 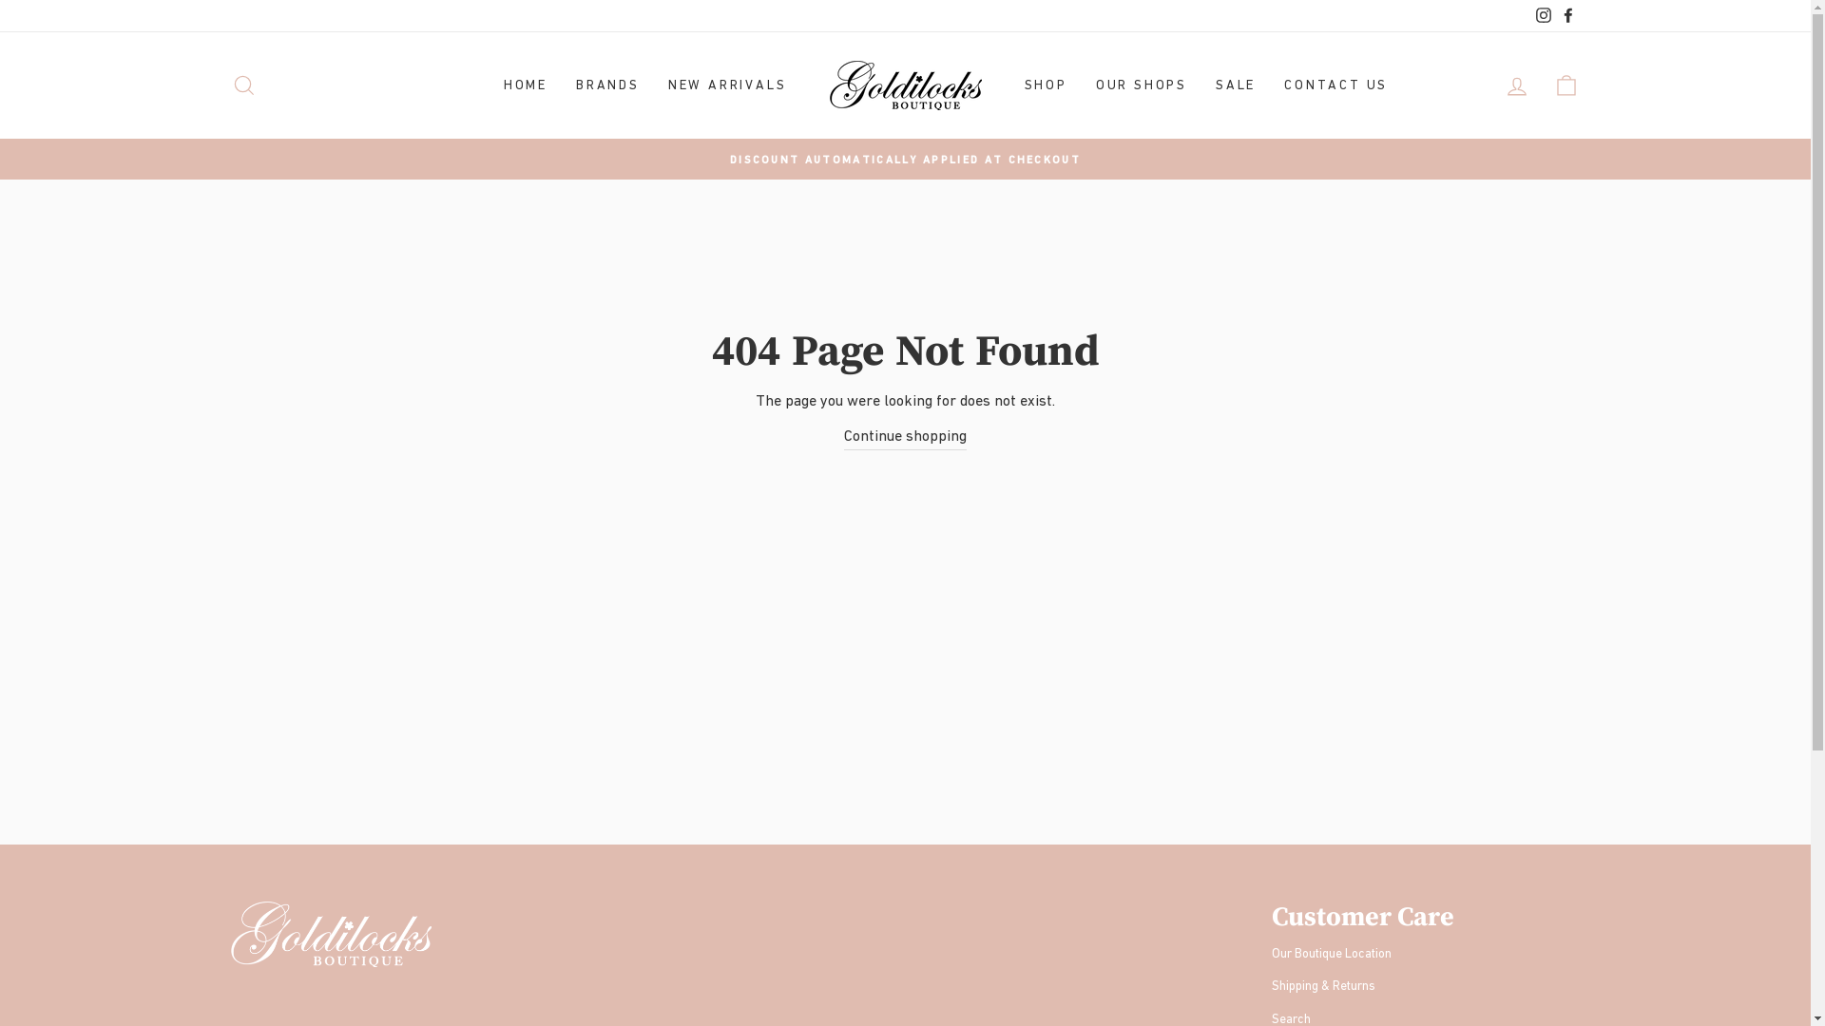 What do you see at coordinates (489, 85) in the screenshot?
I see `'HOME'` at bounding box center [489, 85].